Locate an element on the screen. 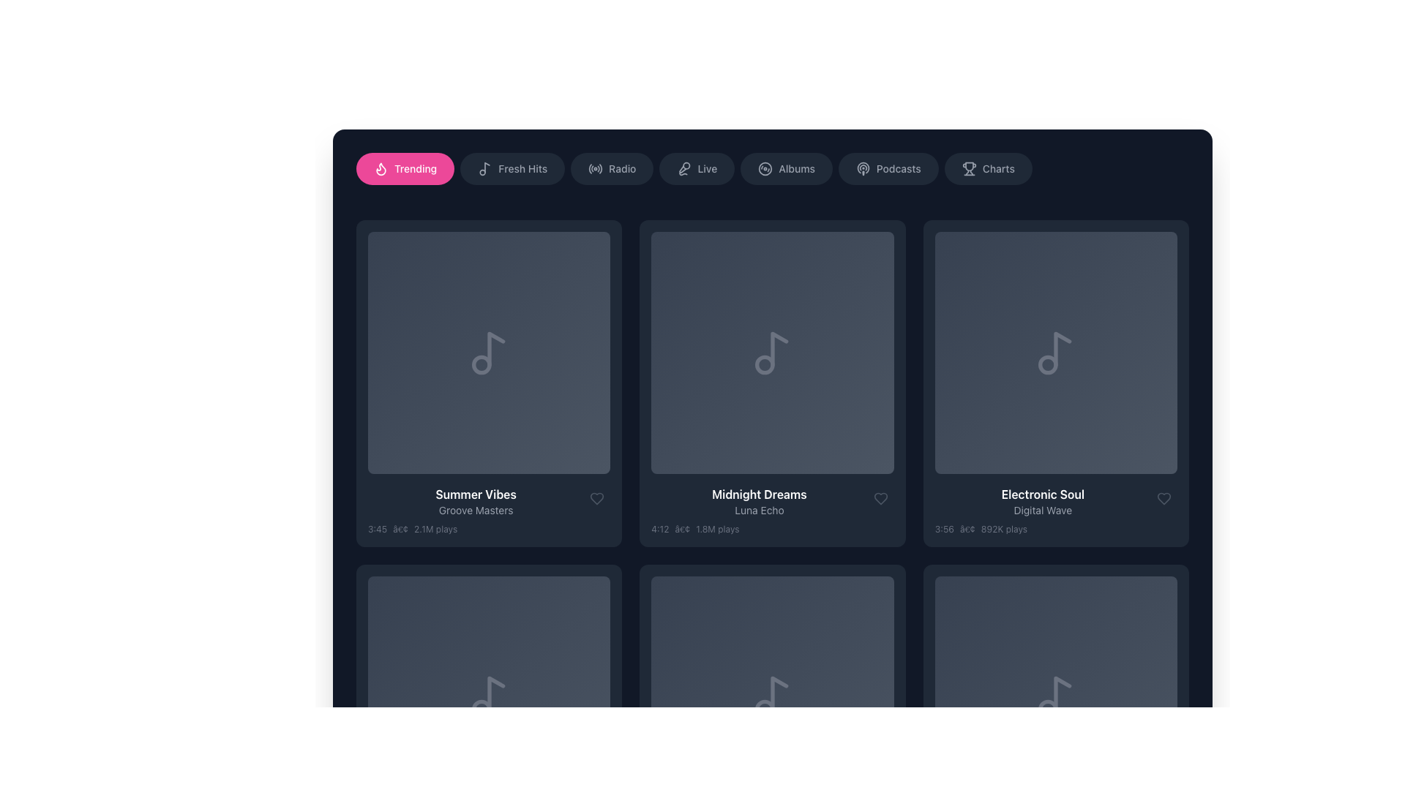 The image size is (1405, 790). the static text element displaying '4:12', which is styled in light gray on a dark background and is the first of three sibling text elements is located at coordinates (659, 530).